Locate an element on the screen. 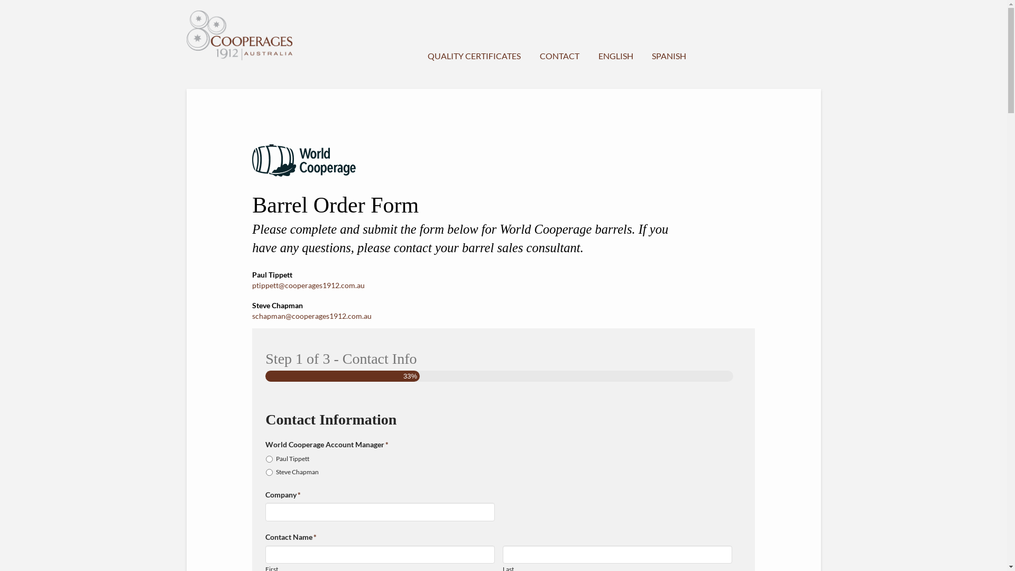  'ptippett@cooperages1912.com.au' is located at coordinates (308, 284).